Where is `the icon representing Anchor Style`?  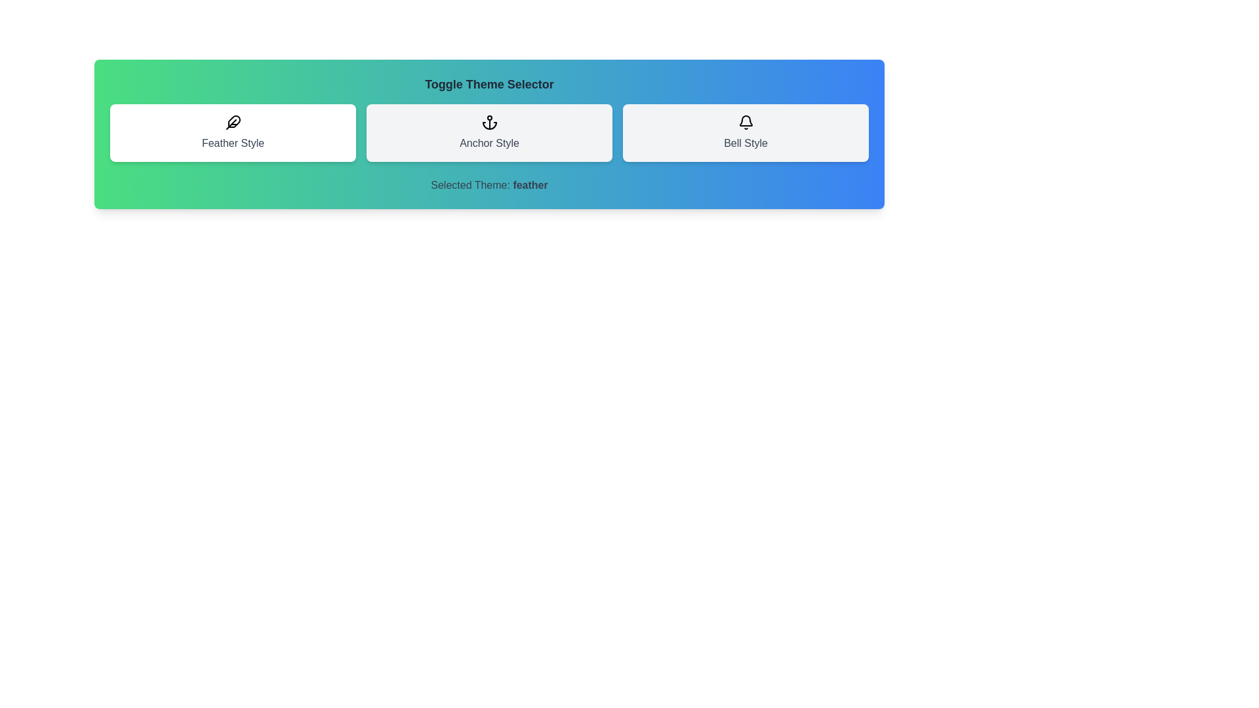
the icon representing Anchor Style is located at coordinates (489, 133).